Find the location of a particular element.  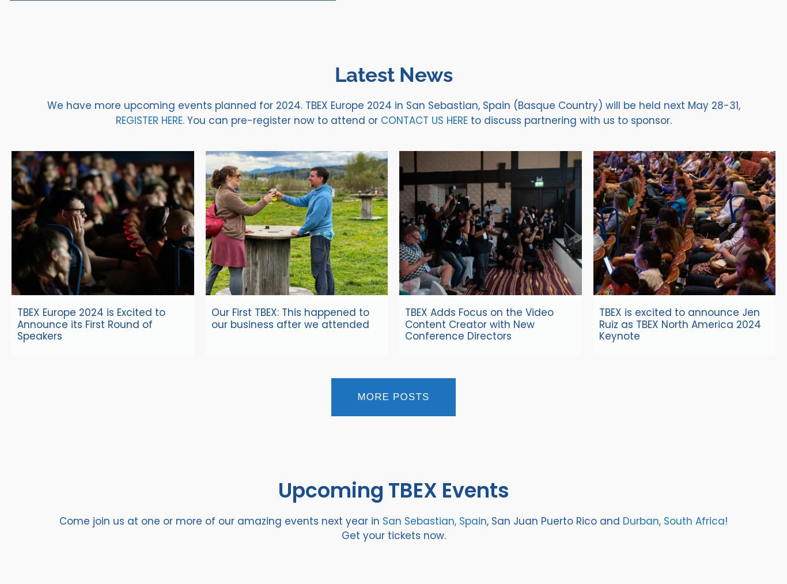

'TBEX Adds Focus on the Video Content Creator with New Conference Directors' is located at coordinates (479, 324).